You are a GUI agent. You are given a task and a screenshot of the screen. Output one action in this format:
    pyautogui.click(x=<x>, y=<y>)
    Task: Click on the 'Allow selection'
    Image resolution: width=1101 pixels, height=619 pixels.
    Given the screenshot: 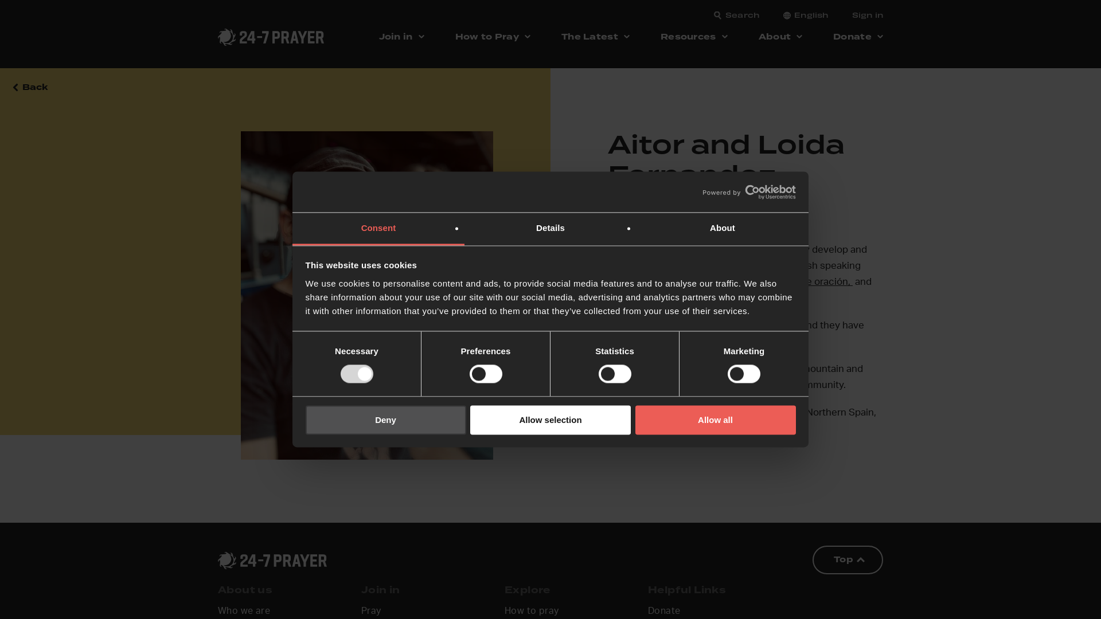 What is the action you would take?
    pyautogui.click(x=470, y=420)
    